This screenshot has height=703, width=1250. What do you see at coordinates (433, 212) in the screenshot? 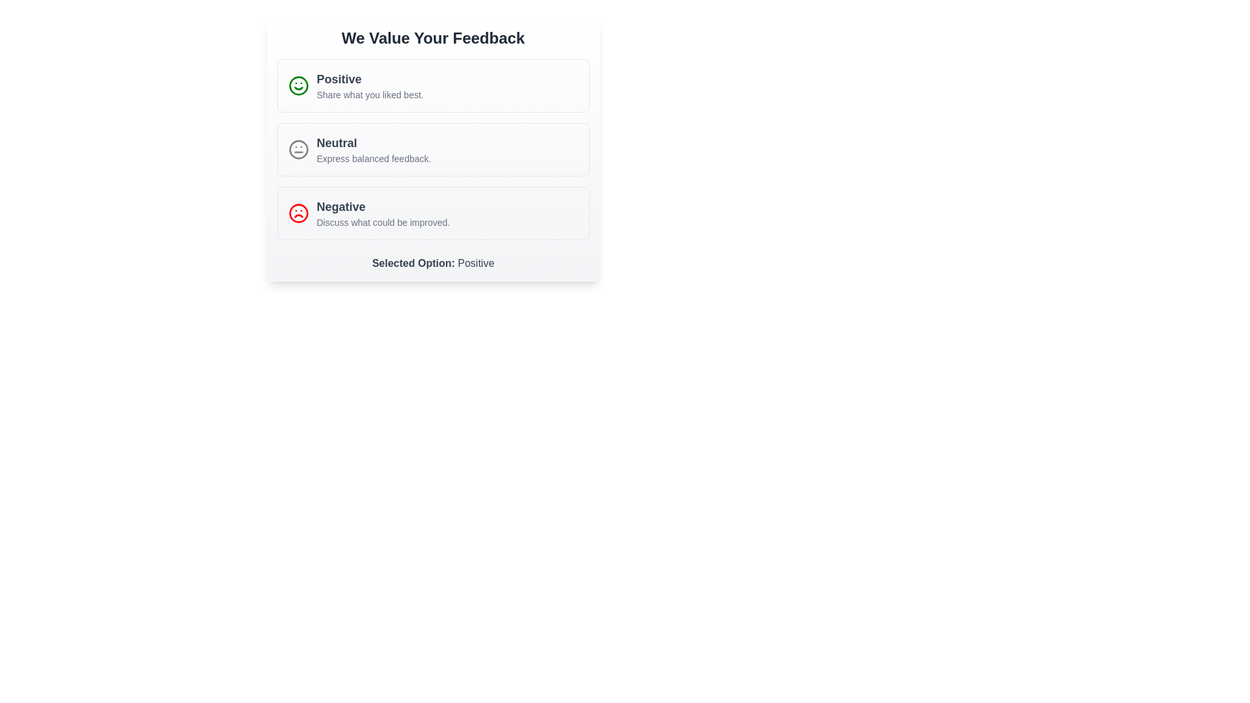
I see `the selectable card for negative feedback using keyboard navigation` at bounding box center [433, 212].